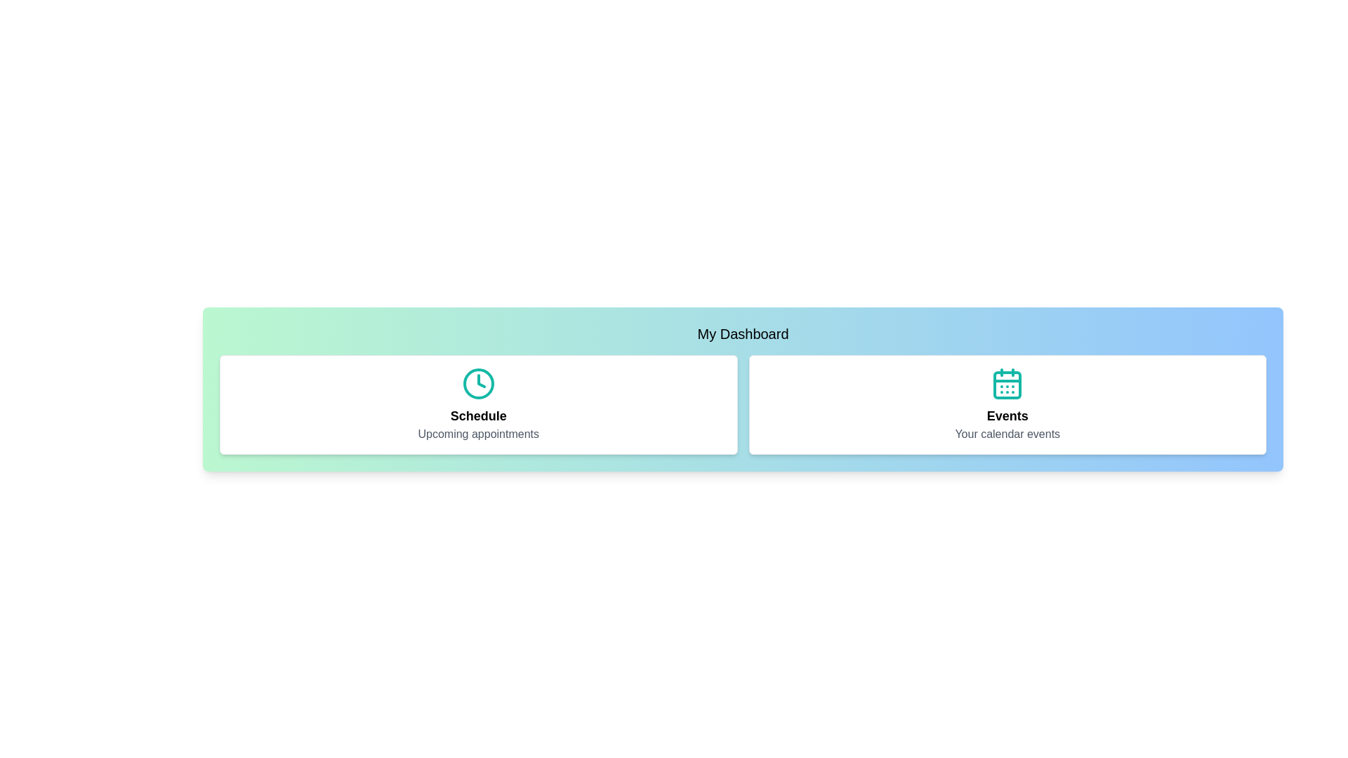 The width and height of the screenshot is (1348, 758). I want to click on the title text label that serves as the heading for the dashboard section, located centrally above the 'Schedule' and 'Events' sections, so click(742, 333).